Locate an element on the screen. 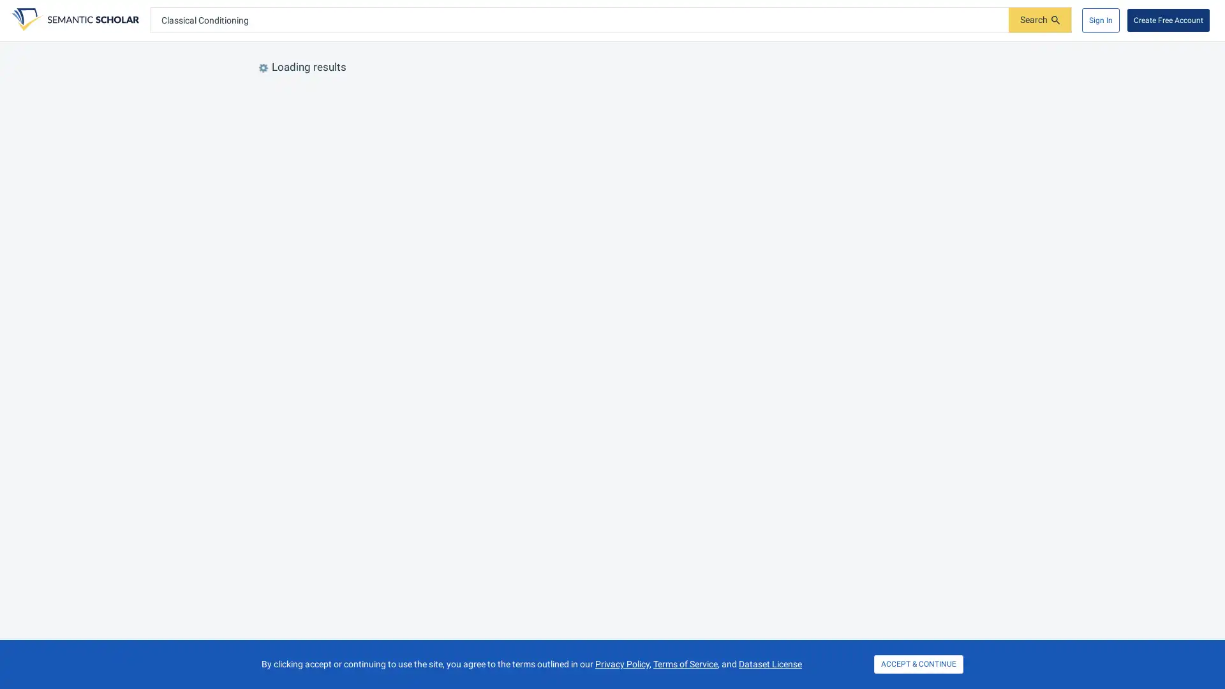 The image size is (1225, 689). Author is located at coordinates (594, 100).